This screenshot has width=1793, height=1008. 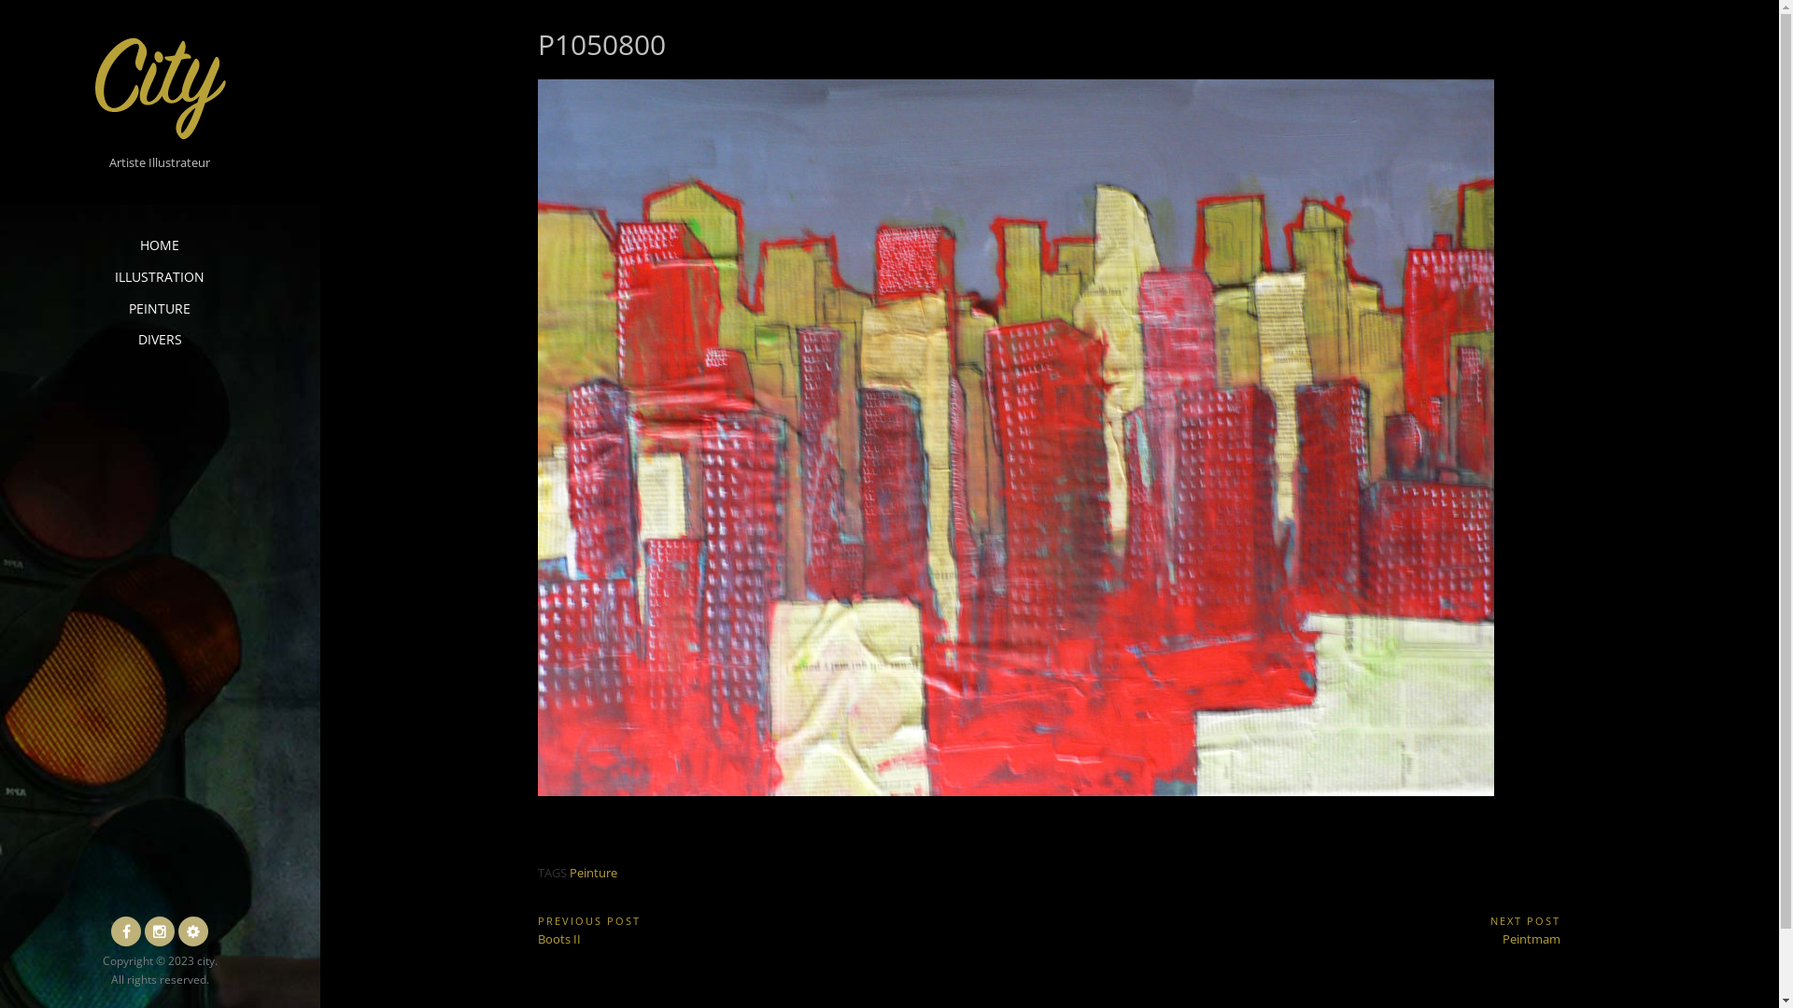 What do you see at coordinates (160, 277) in the screenshot?
I see `'ILLUSTRATION'` at bounding box center [160, 277].